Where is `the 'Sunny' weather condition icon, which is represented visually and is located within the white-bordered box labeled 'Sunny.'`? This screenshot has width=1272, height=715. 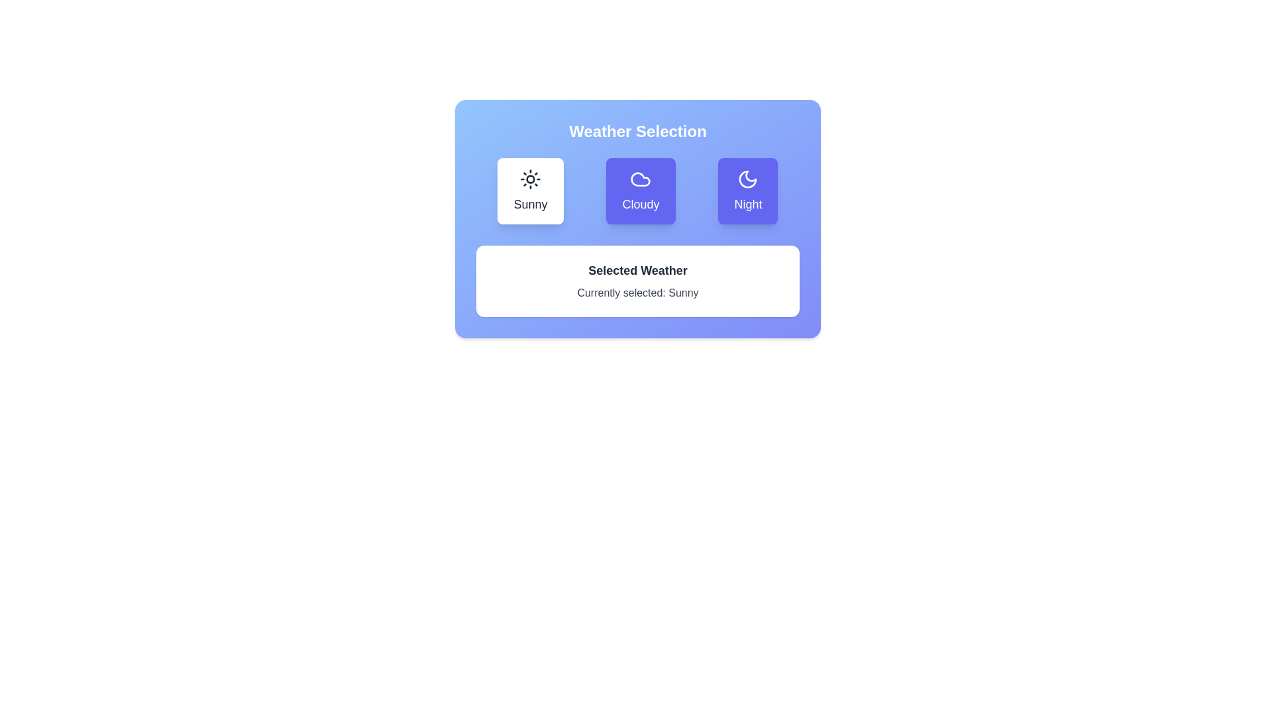 the 'Sunny' weather condition icon, which is represented visually and is located within the white-bordered box labeled 'Sunny.' is located at coordinates (531, 179).